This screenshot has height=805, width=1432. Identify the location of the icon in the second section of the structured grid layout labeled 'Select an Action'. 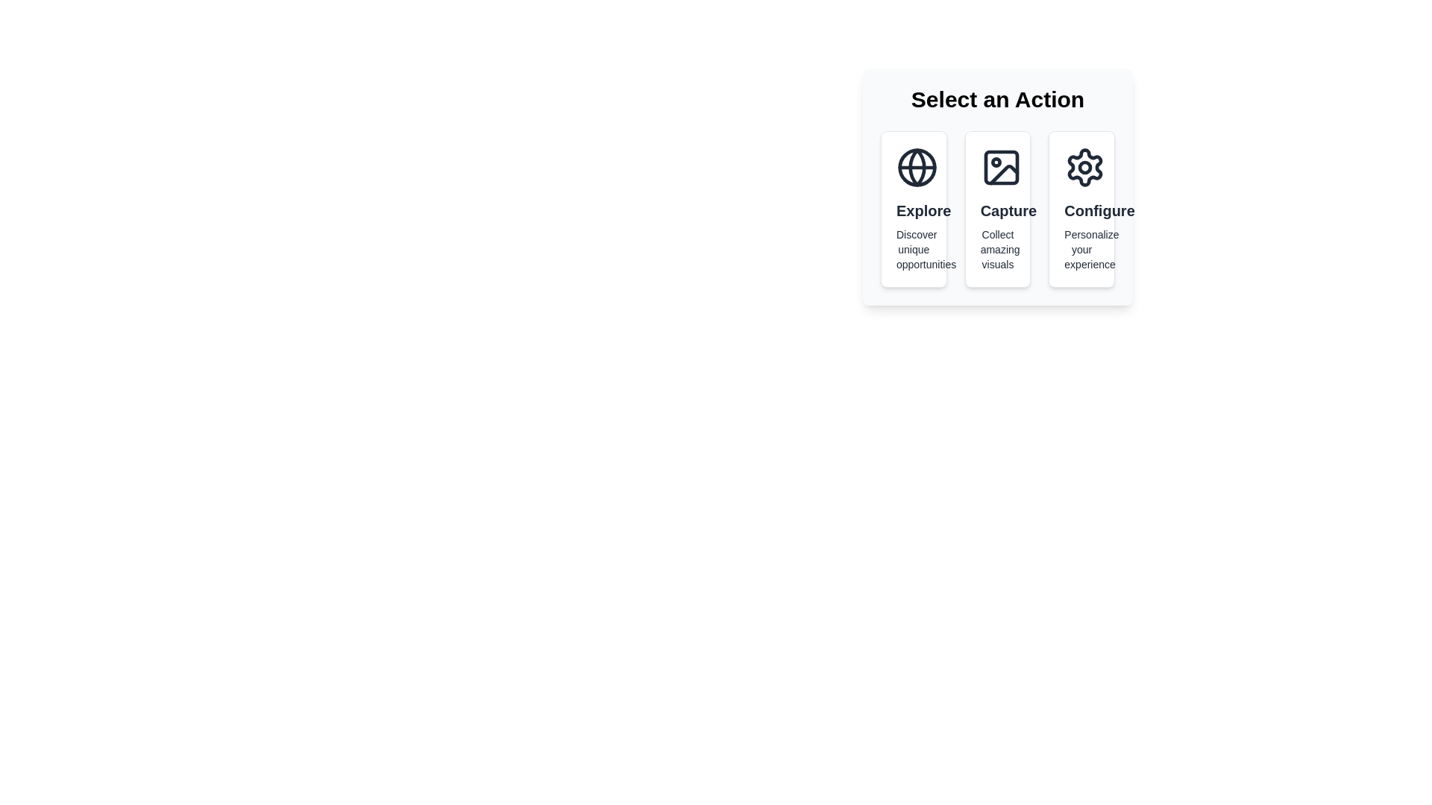
(998, 209).